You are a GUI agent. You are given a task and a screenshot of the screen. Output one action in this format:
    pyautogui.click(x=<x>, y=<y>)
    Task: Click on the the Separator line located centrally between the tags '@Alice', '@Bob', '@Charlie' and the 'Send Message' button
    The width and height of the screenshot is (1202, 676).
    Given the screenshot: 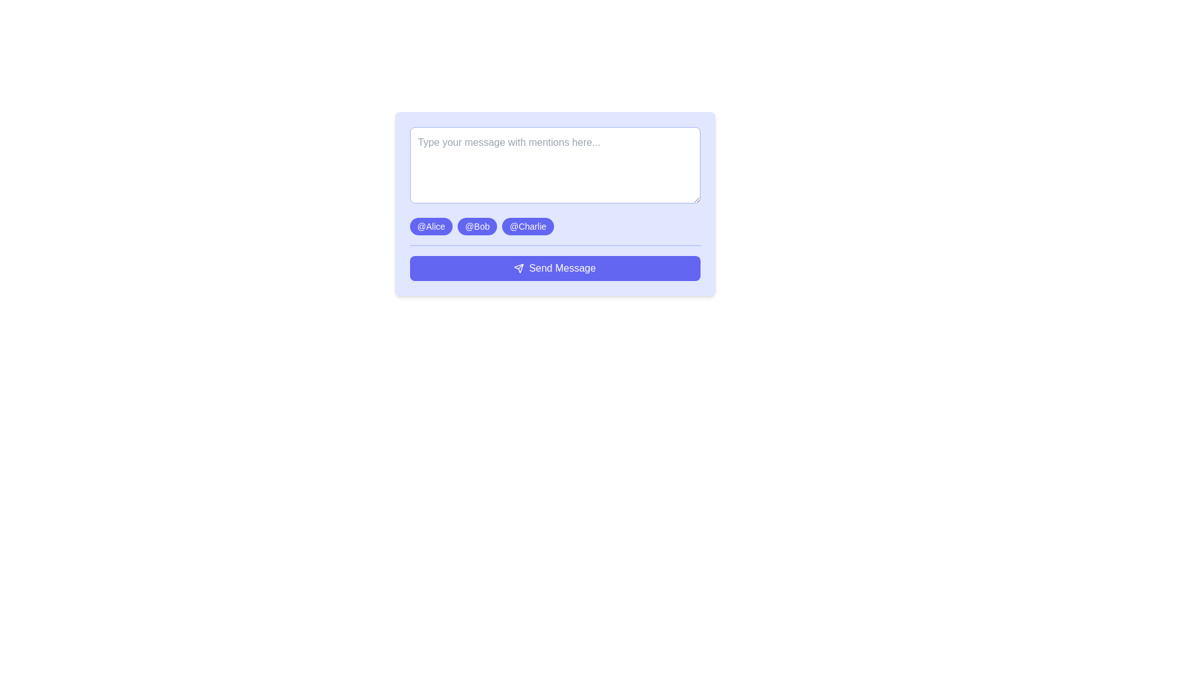 What is the action you would take?
    pyautogui.click(x=554, y=245)
    